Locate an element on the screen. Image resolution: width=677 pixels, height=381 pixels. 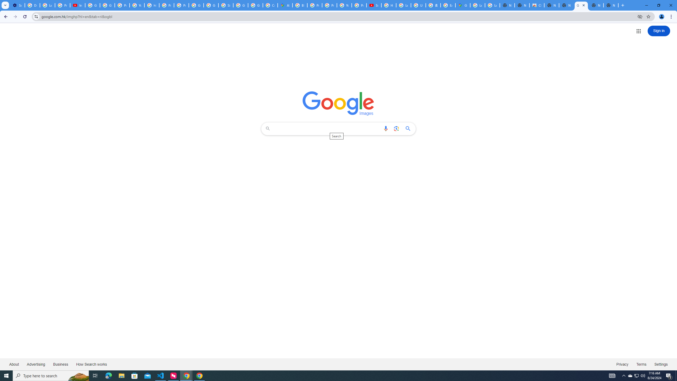
'Create your Google Account' is located at coordinates (270, 5).